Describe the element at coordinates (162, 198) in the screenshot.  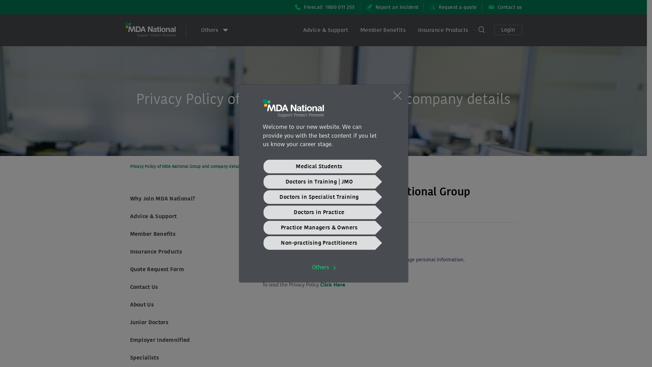
I see `'Why Join MDA National?'` at that location.